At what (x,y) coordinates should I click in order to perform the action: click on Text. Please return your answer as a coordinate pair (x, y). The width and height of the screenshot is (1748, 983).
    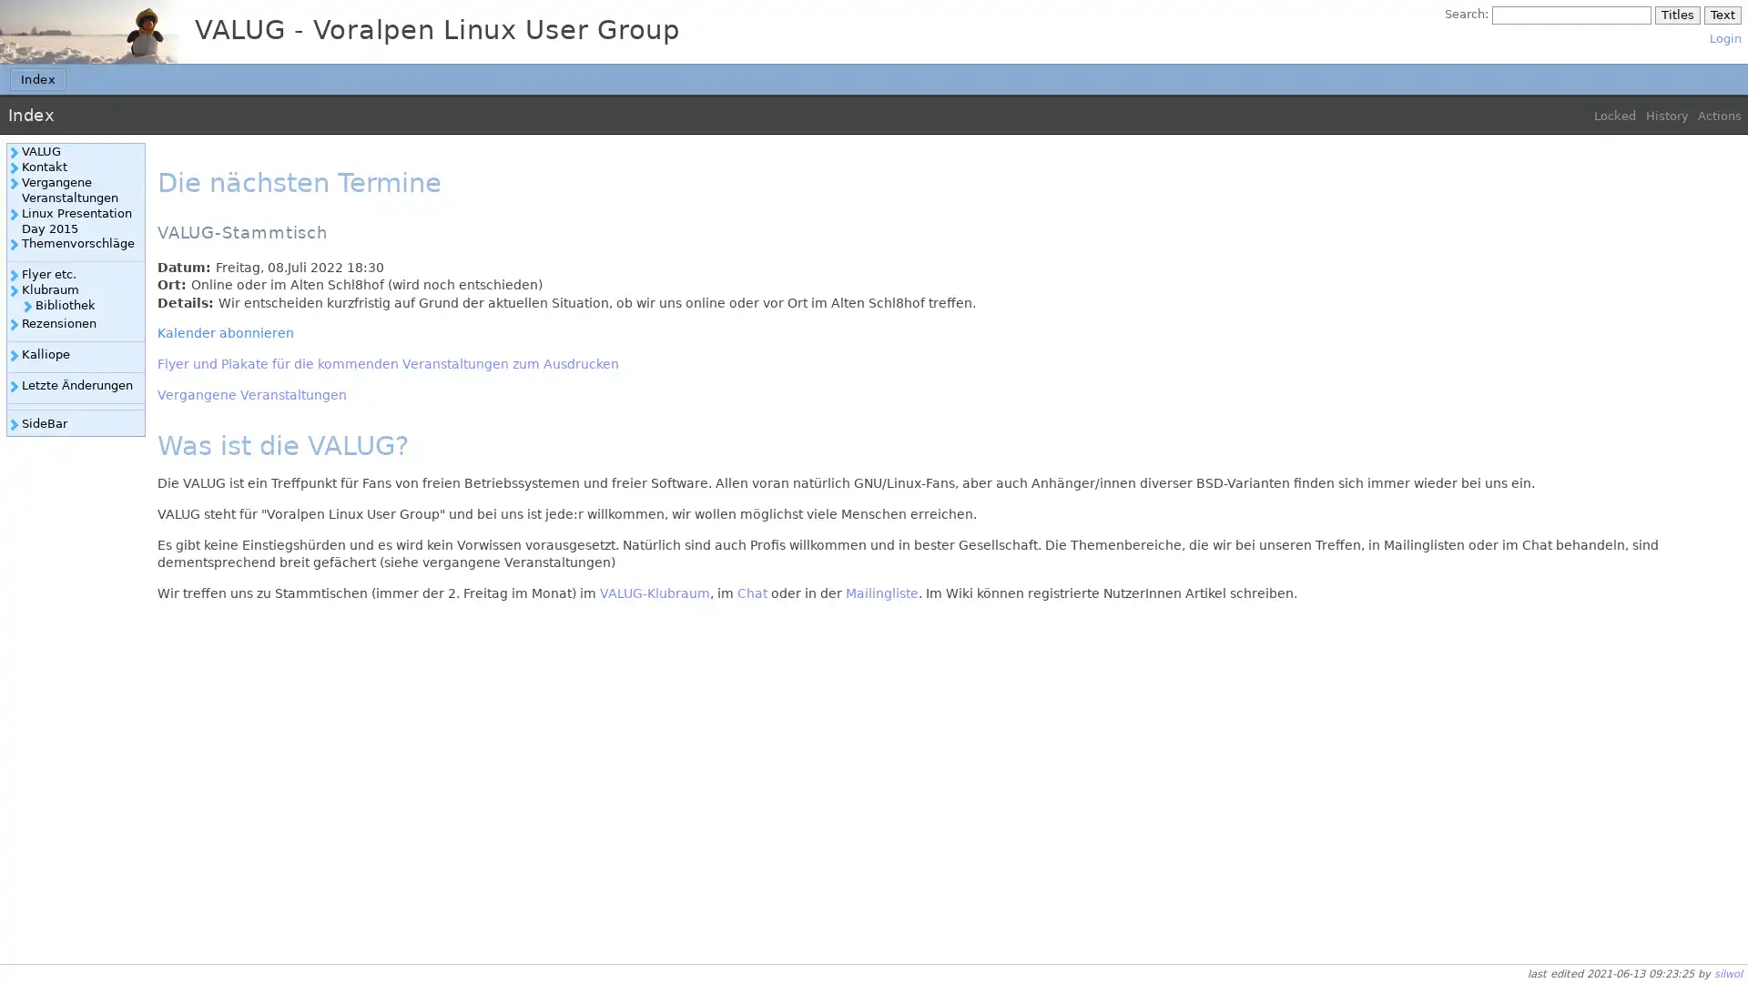
    Looking at the image, I should click on (1721, 15).